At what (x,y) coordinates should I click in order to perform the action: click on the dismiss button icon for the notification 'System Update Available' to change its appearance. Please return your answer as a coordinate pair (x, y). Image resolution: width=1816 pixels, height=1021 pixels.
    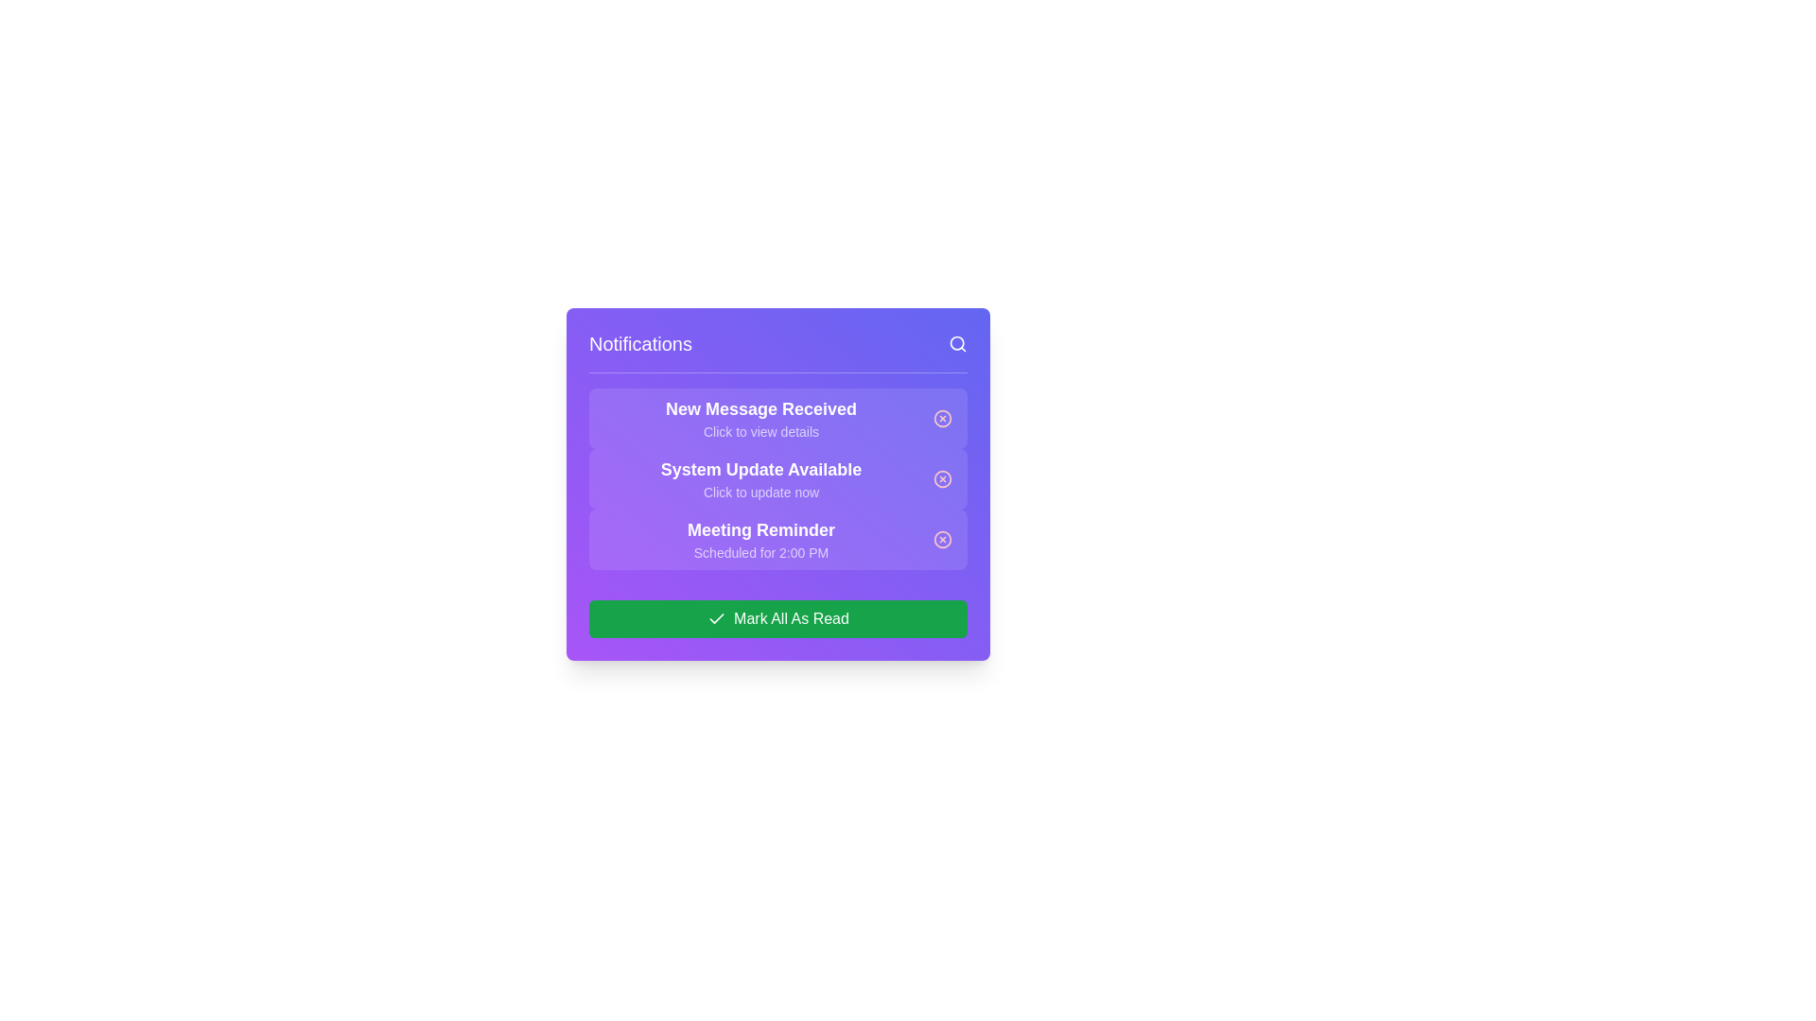
    Looking at the image, I should click on (943, 477).